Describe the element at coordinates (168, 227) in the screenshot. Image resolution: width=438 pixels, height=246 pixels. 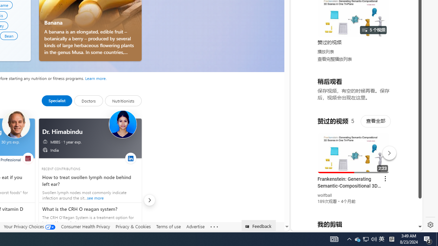
I see `'Terms of use'` at that location.